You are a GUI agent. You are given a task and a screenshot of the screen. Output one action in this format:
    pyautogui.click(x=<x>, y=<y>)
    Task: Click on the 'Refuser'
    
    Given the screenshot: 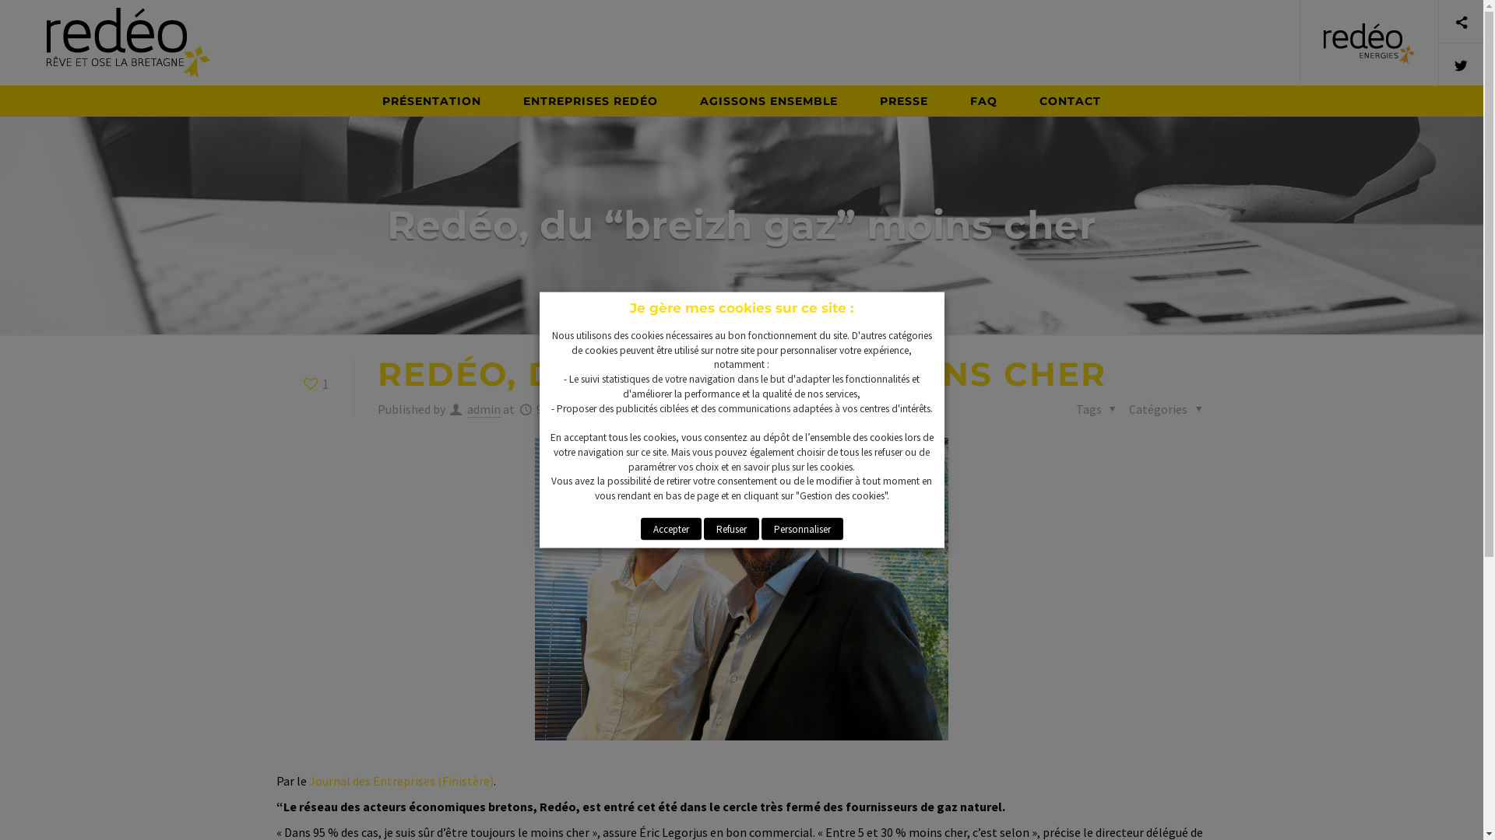 What is the action you would take?
    pyautogui.click(x=730, y=527)
    